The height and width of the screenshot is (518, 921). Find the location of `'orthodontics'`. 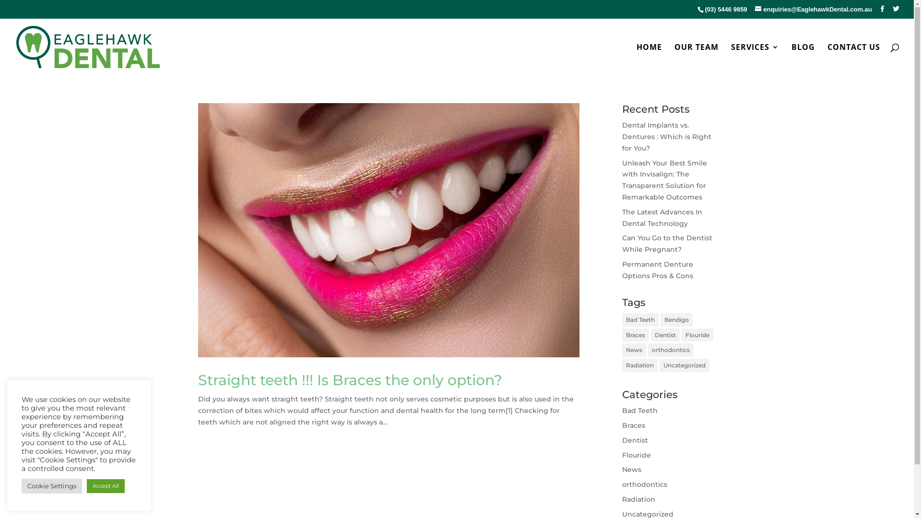

'orthodontics' is located at coordinates (670, 350).